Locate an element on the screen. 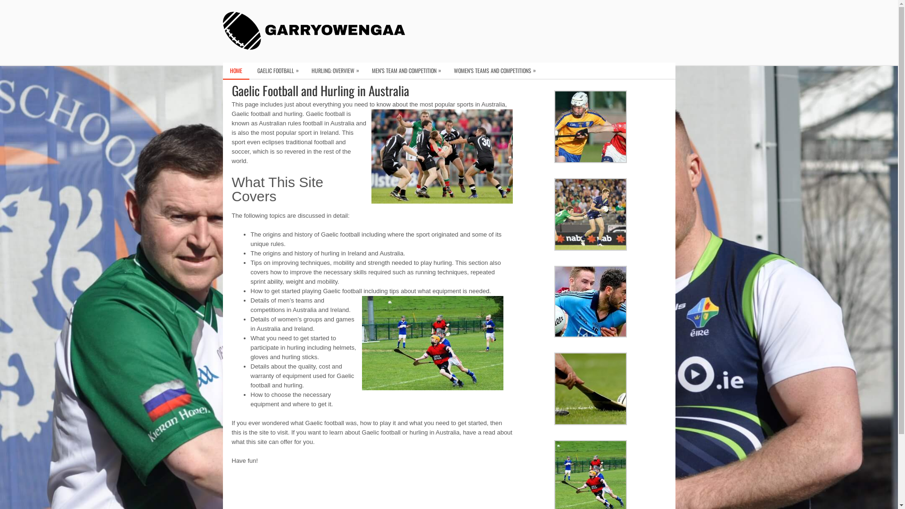 This screenshot has width=905, height=509. 'garryowengaa.com.au' is located at coordinates (317, 30).